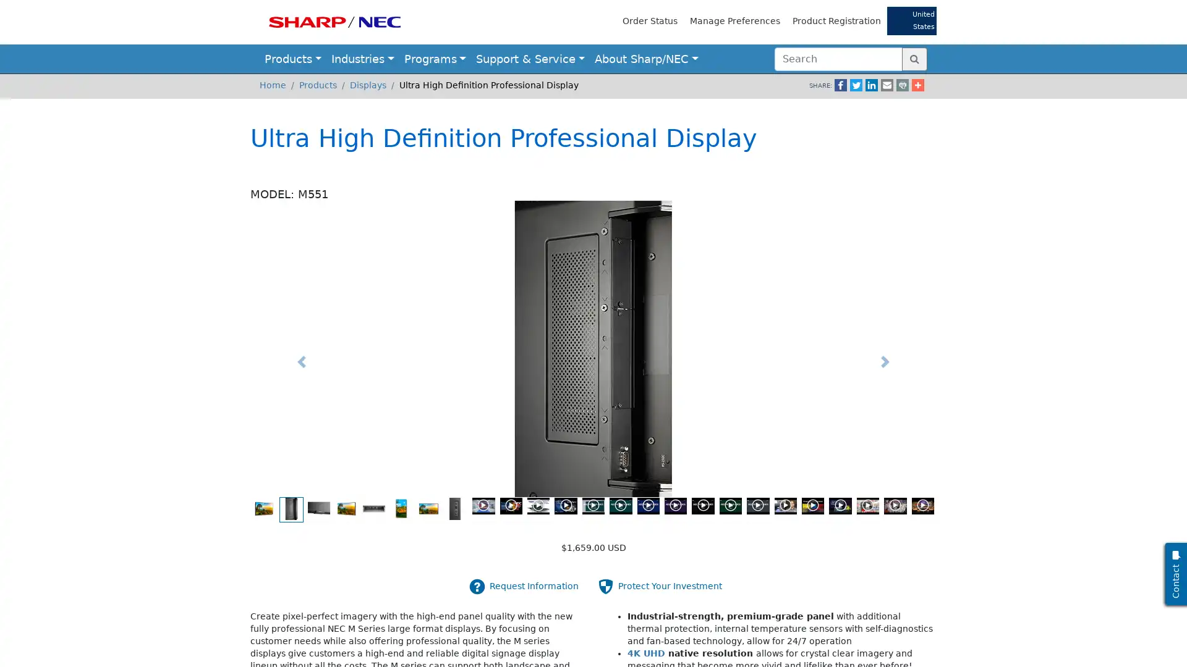 The height and width of the screenshot is (667, 1187). I want to click on Share to Email, so click(868, 85).